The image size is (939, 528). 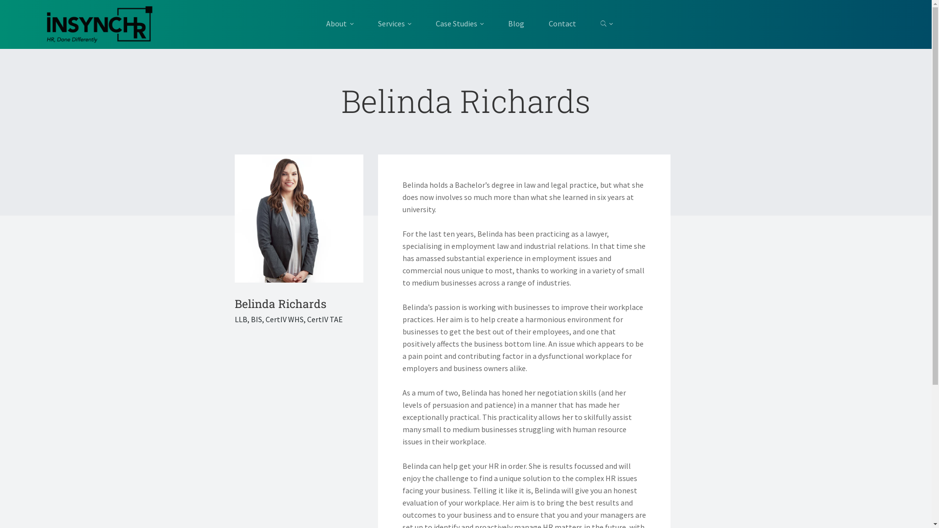 What do you see at coordinates (423, 23) in the screenshot?
I see `'Case Studies'` at bounding box center [423, 23].